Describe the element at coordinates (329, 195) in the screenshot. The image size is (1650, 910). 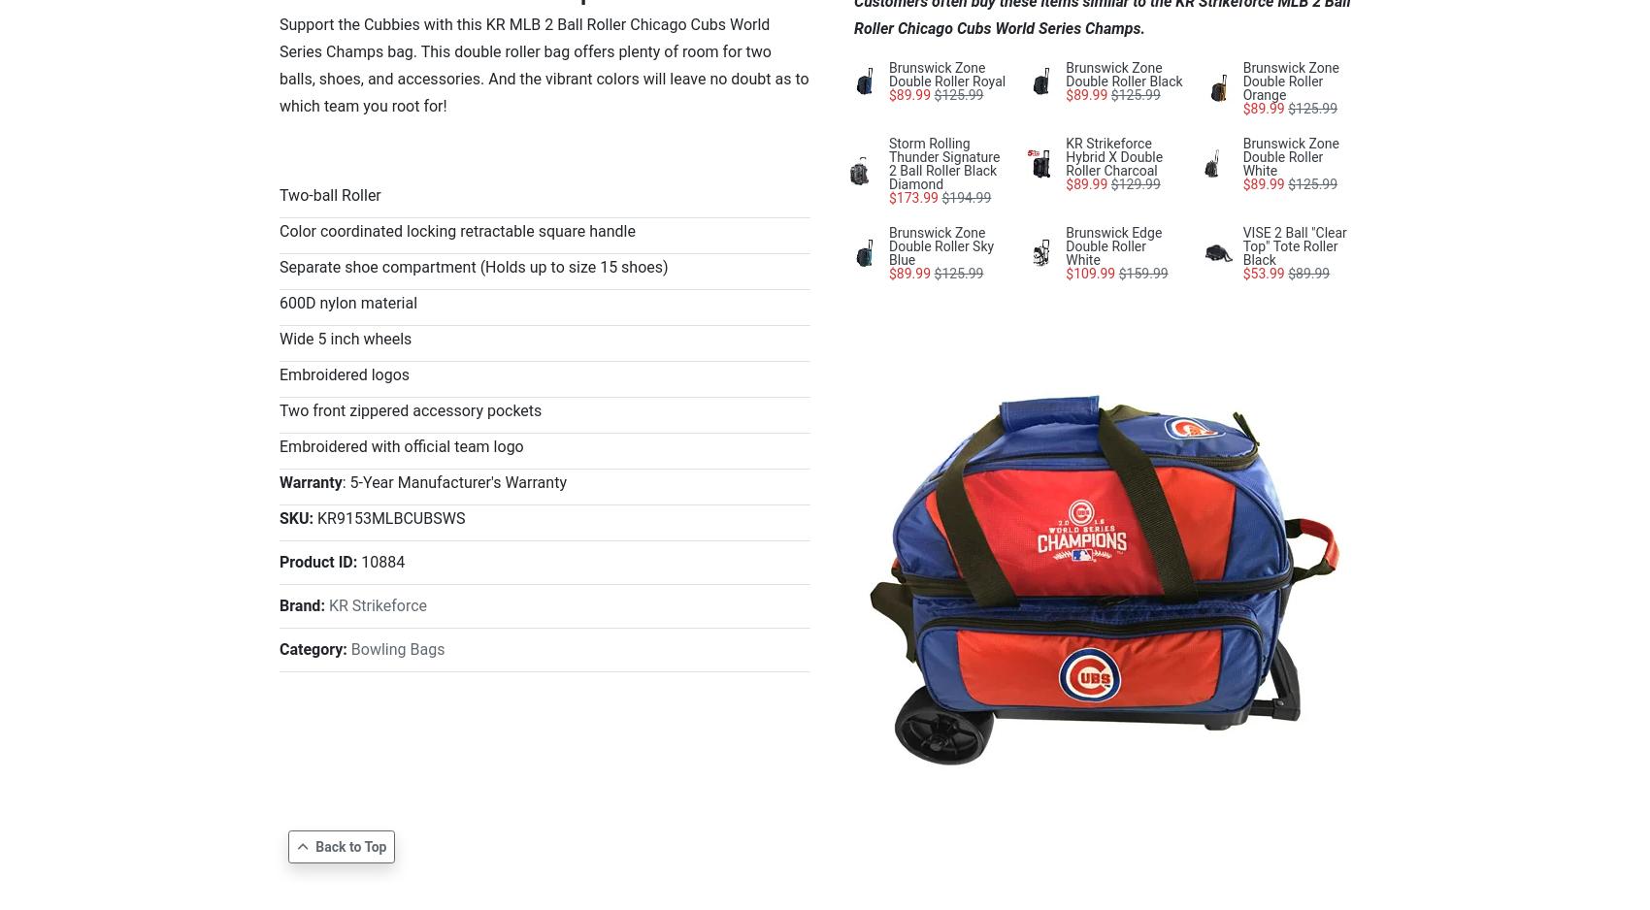
I see `'Two-ball Roller'` at that location.